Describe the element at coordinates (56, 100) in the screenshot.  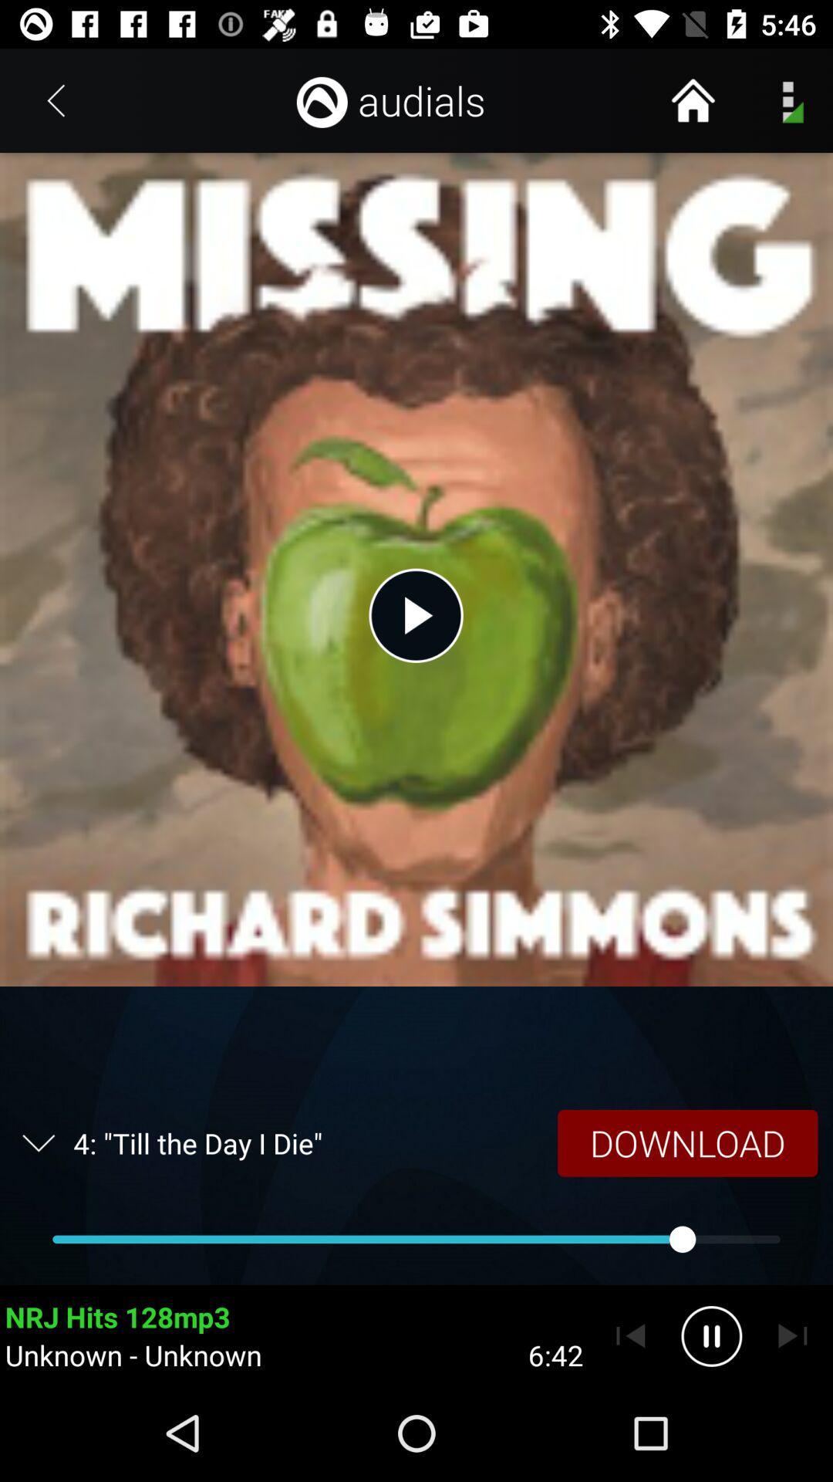
I see `icon at the top left corner` at that location.